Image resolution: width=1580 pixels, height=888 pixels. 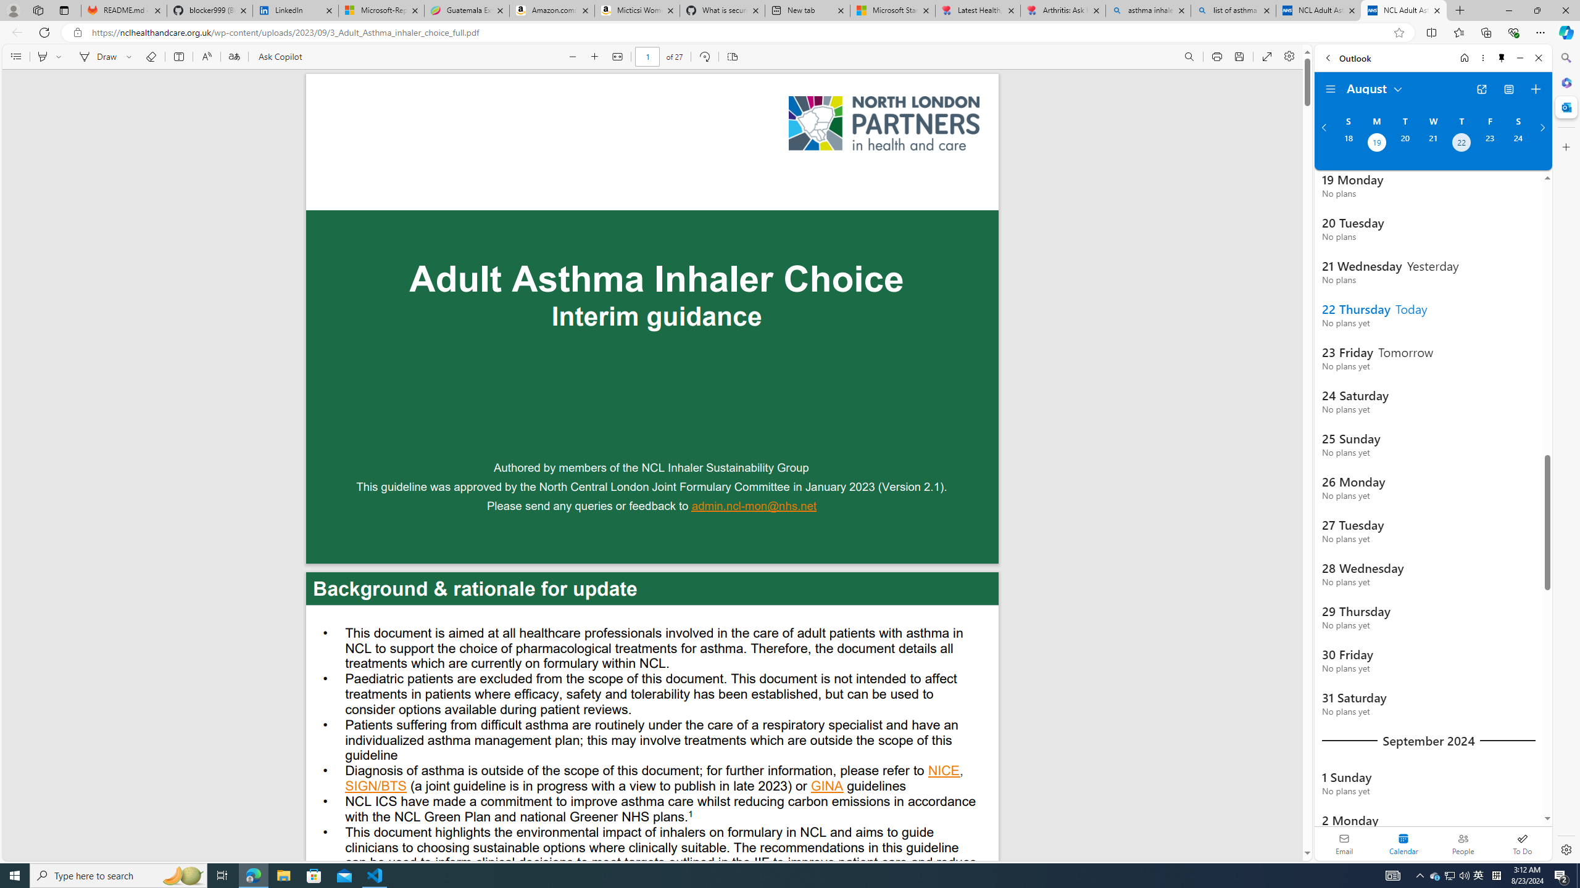 What do you see at coordinates (754, 507) in the screenshot?
I see `'admin.ncl-mon@nhs.net'` at bounding box center [754, 507].